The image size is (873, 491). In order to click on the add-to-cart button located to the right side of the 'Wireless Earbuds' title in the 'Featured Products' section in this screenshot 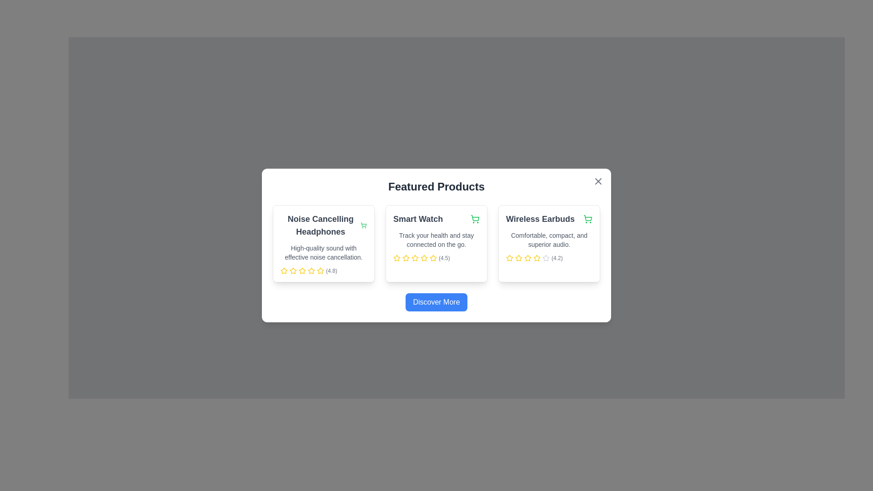, I will do `click(587, 219)`.